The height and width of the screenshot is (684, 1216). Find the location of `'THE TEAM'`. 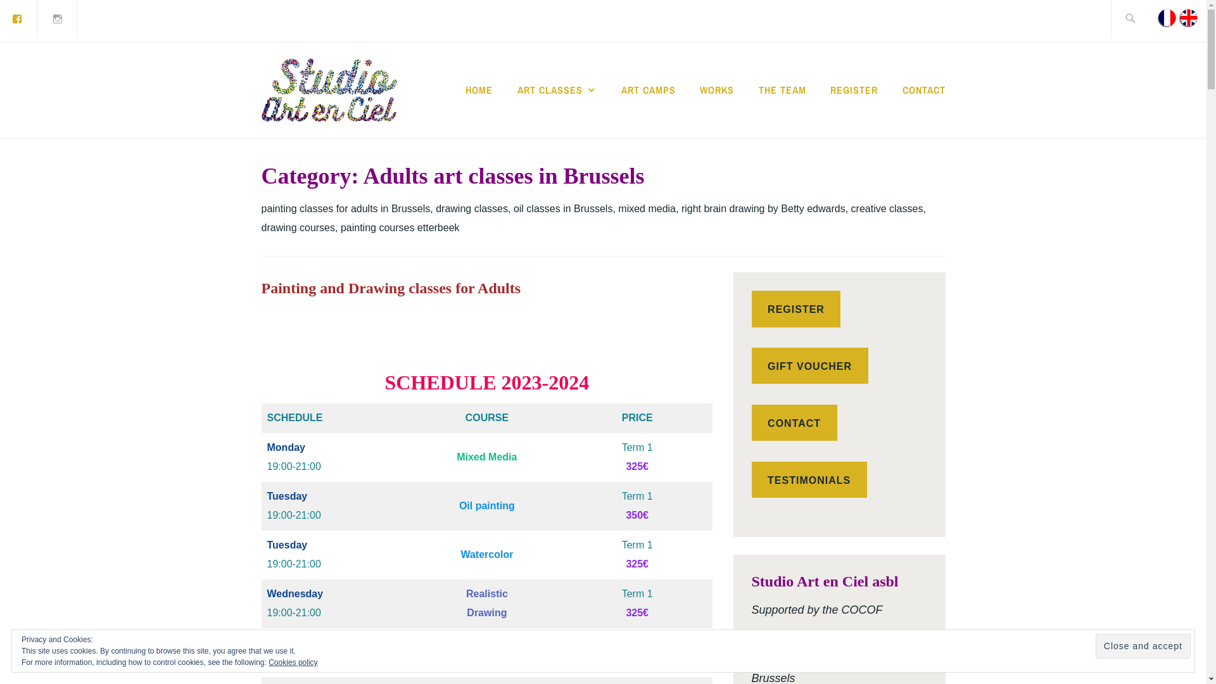

'THE TEAM' is located at coordinates (782, 89).